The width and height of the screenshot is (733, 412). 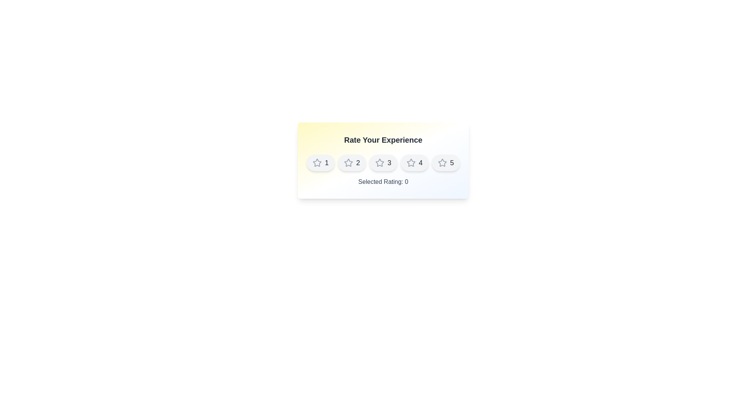 What do you see at coordinates (321, 163) in the screenshot?
I see `the star corresponding to 1` at bounding box center [321, 163].